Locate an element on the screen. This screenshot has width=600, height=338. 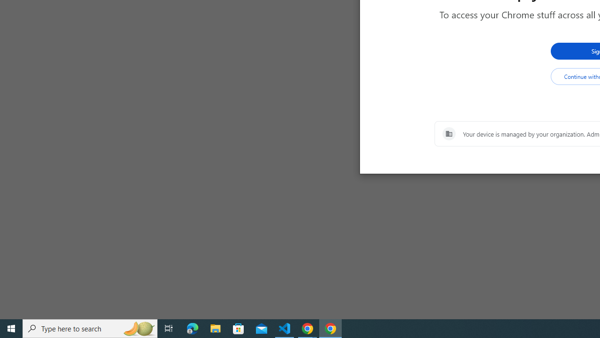
'Google Chrome - 1 running window' is located at coordinates (330, 328).